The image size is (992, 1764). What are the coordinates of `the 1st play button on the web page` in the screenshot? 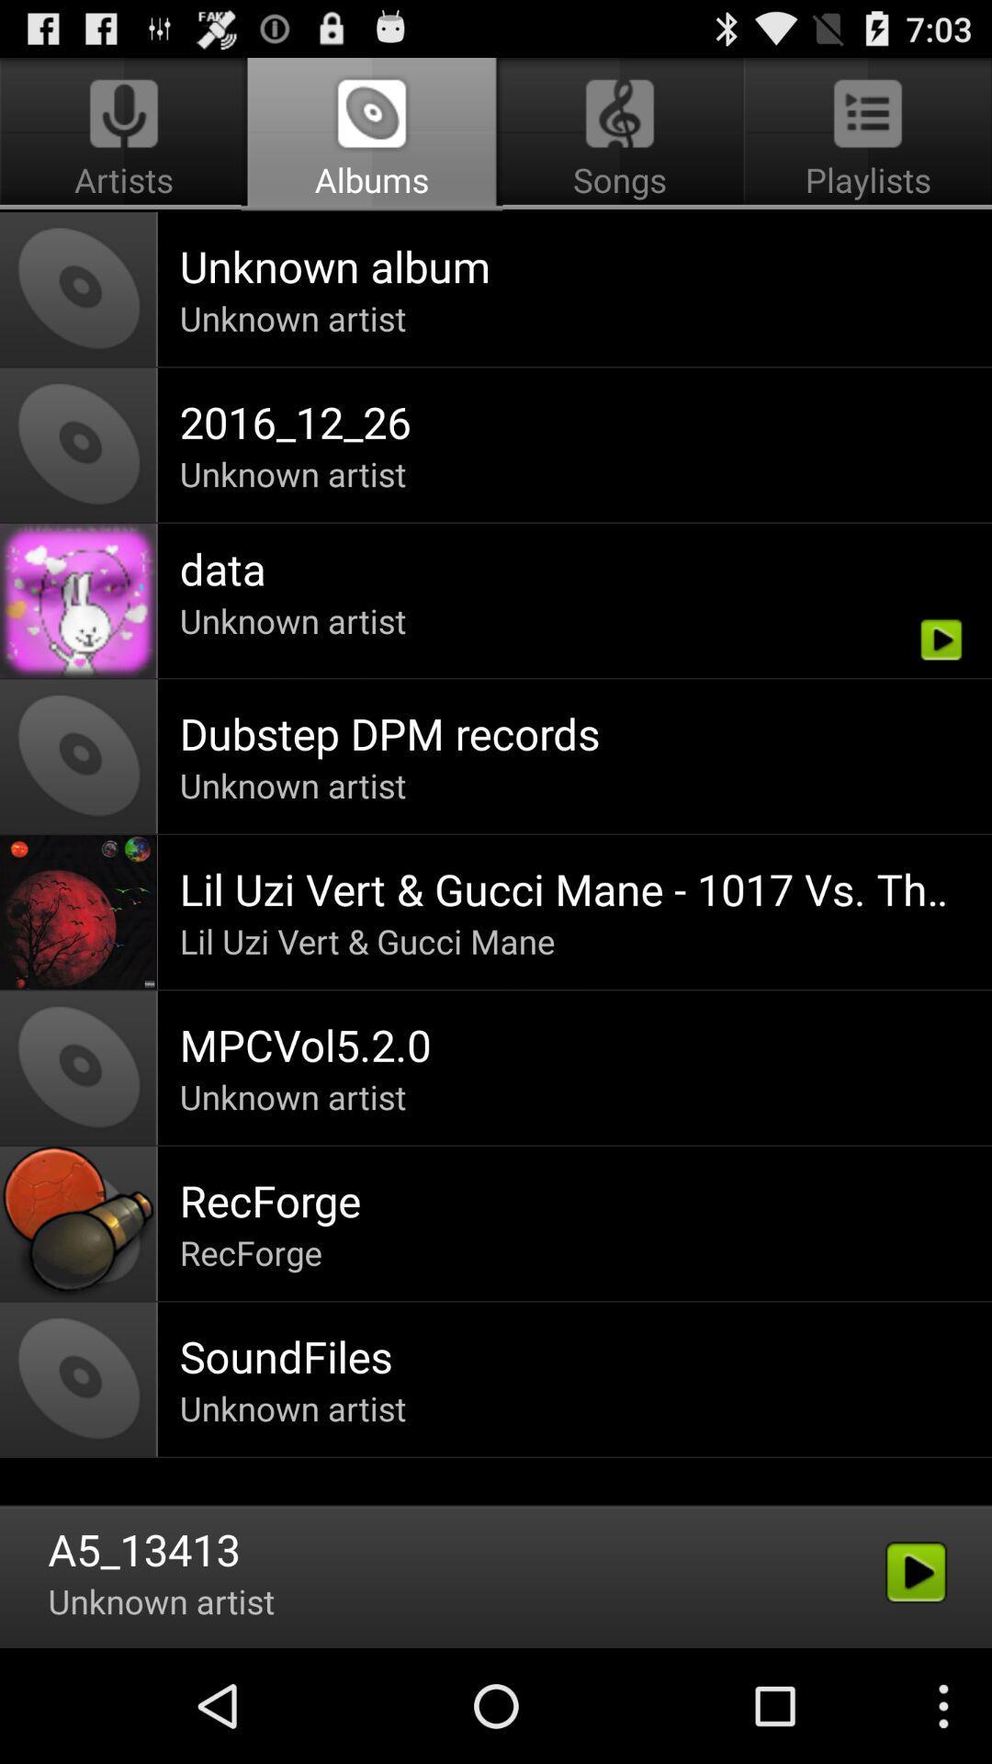 It's located at (941, 639).